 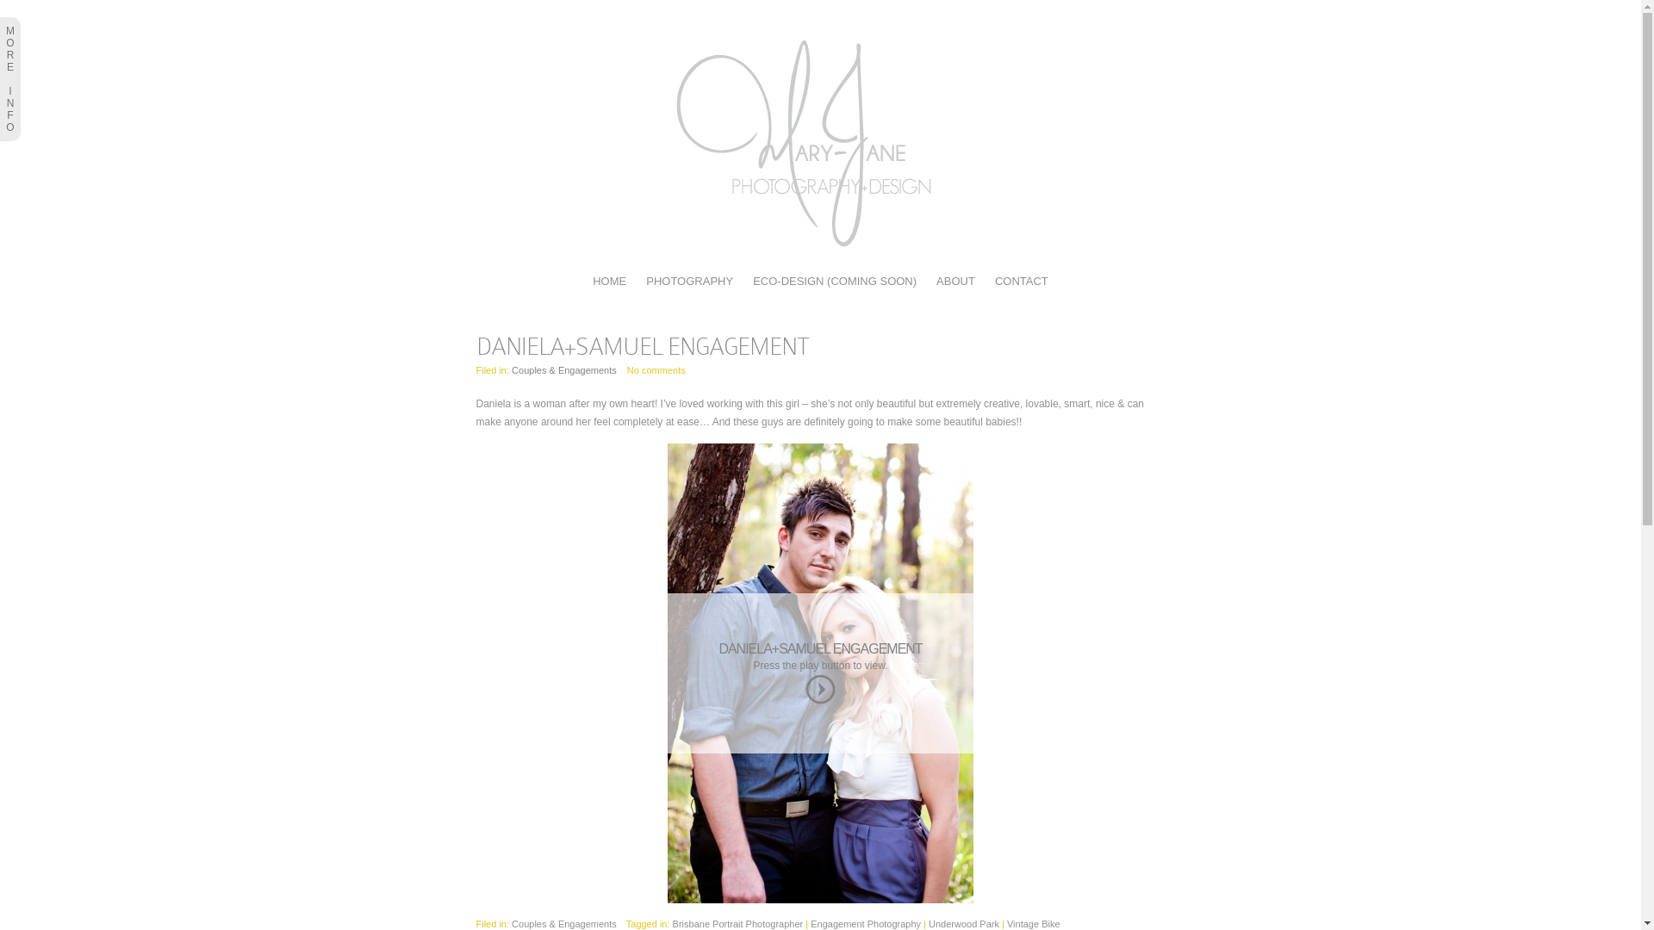 What do you see at coordinates (865, 922) in the screenshot?
I see `'Engagement Photography'` at bounding box center [865, 922].